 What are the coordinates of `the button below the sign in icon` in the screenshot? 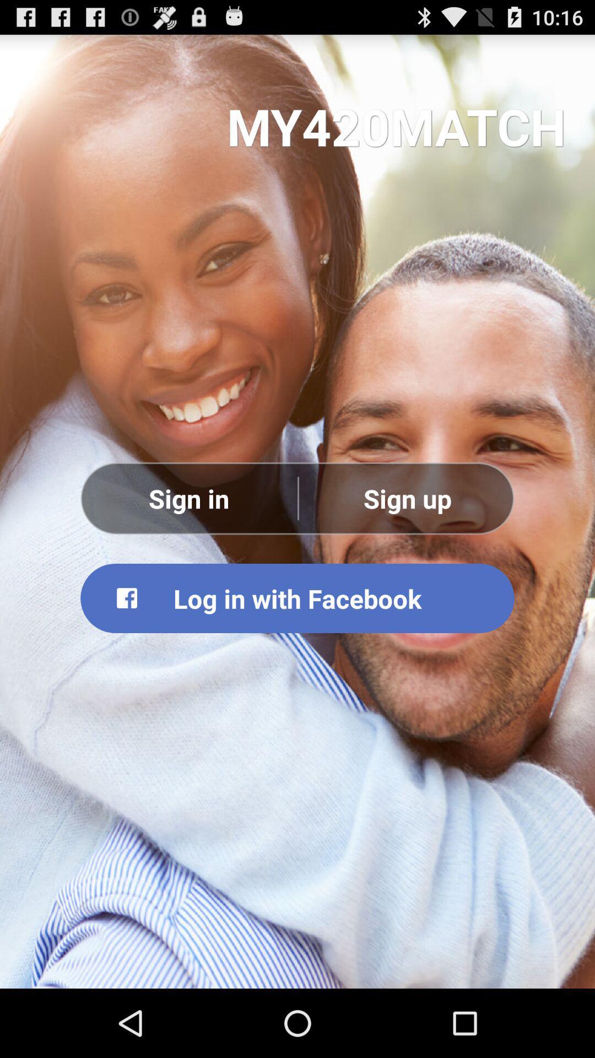 It's located at (297, 597).